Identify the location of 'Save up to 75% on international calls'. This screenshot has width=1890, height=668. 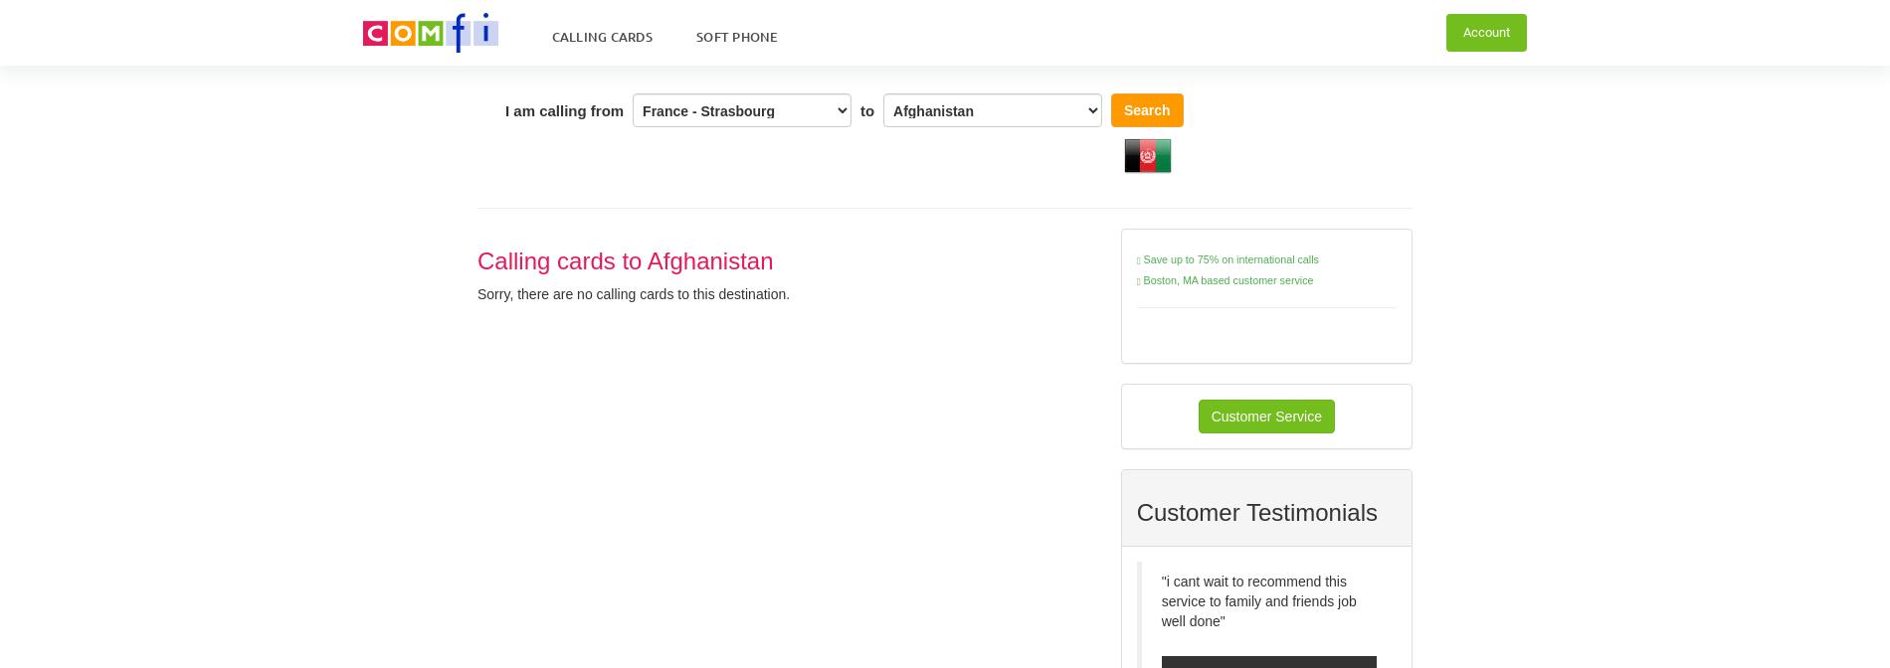
(1228, 257).